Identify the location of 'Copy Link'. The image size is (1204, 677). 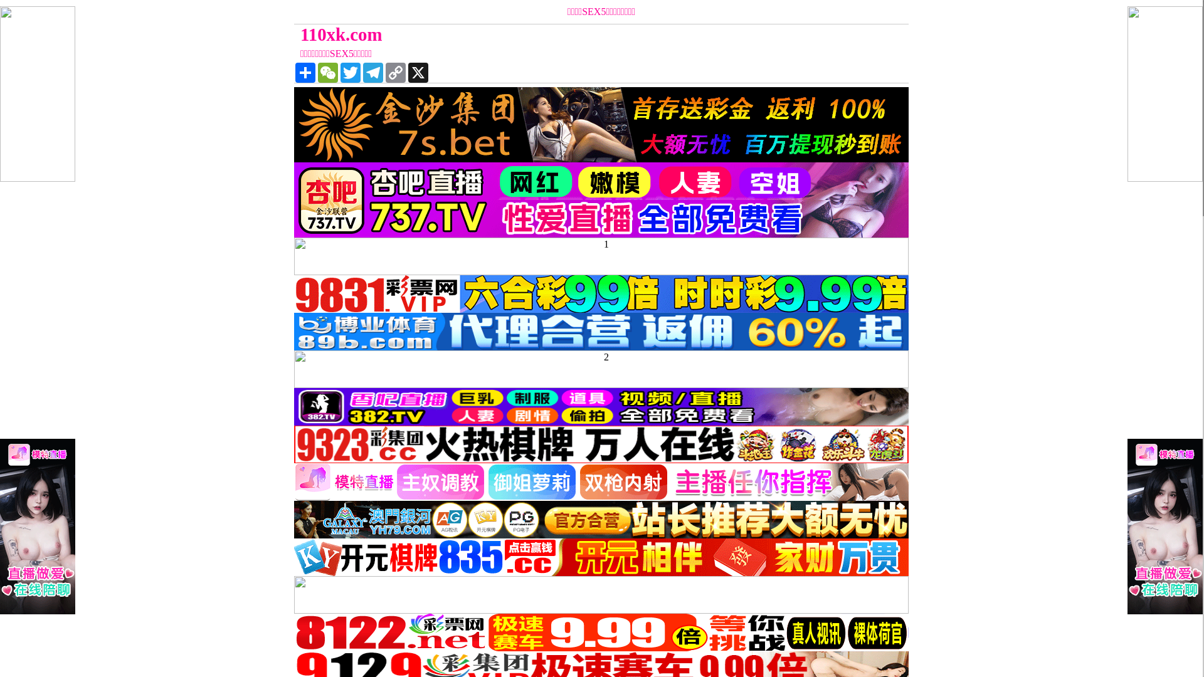
(394, 72).